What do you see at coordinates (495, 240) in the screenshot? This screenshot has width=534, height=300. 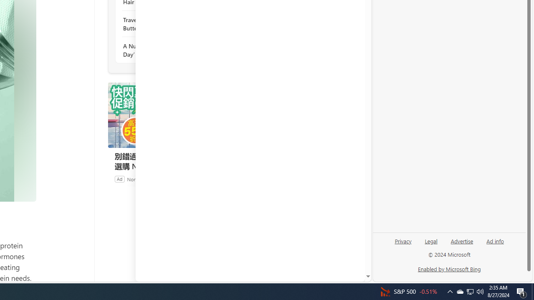 I see `'Ad info'` at bounding box center [495, 240].